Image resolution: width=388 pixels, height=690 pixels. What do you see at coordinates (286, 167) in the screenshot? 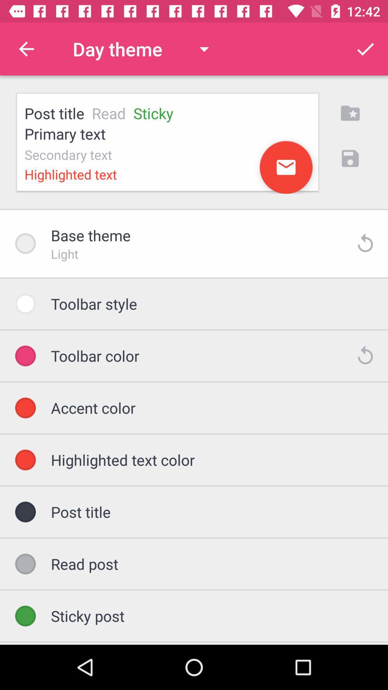
I see `the email icon` at bounding box center [286, 167].